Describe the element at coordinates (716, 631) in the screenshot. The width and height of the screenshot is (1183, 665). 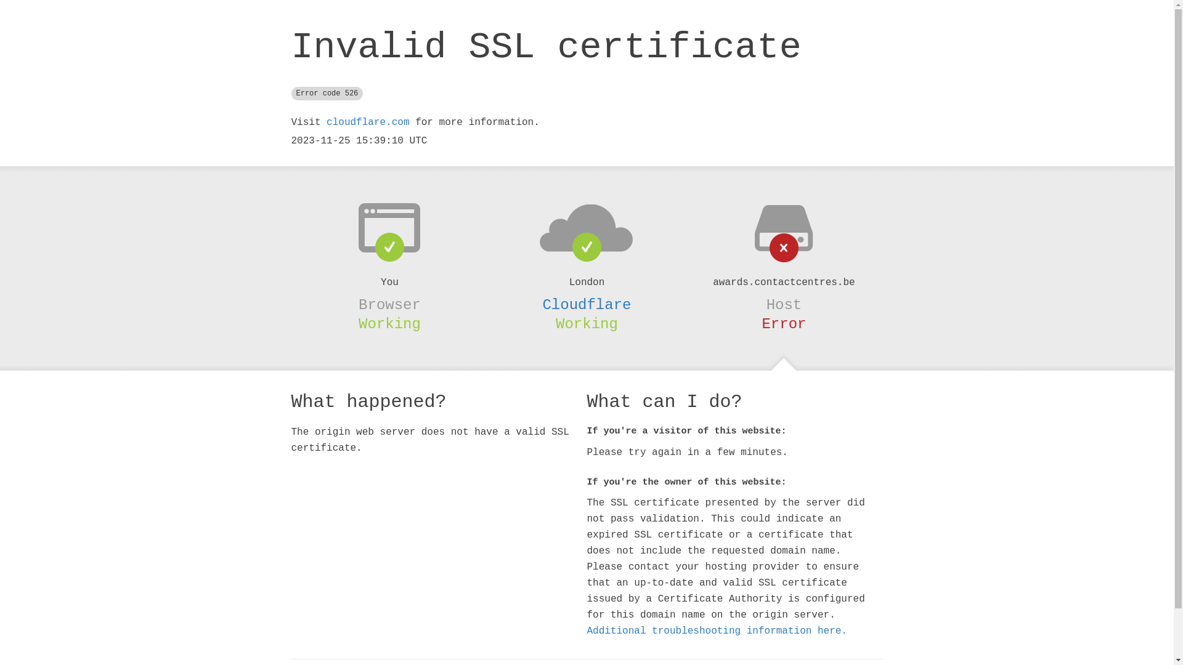
I see `'Additional troubleshooting information here.'` at that location.